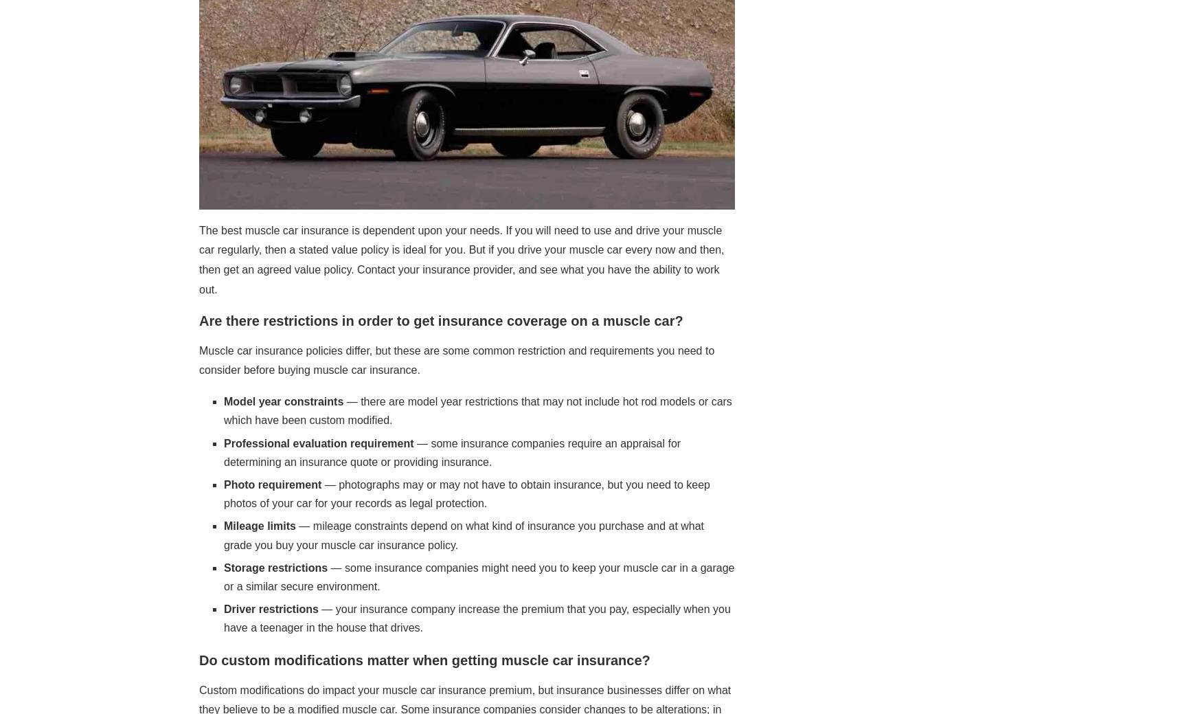 Image resolution: width=1202 pixels, height=714 pixels. Describe the element at coordinates (224, 525) in the screenshot. I see `'Mileage limits'` at that location.